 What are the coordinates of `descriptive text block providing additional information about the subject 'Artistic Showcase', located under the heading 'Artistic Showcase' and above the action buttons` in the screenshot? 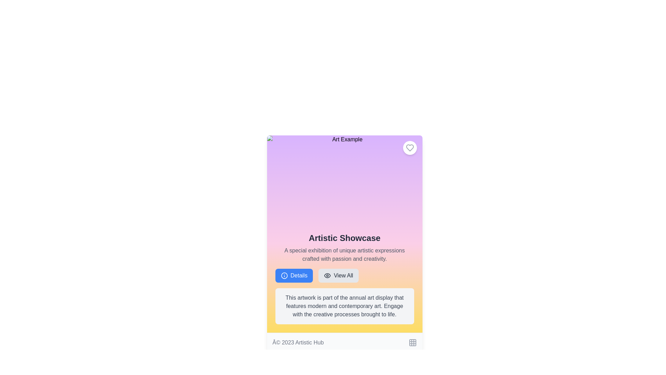 It's located at (344, 255).